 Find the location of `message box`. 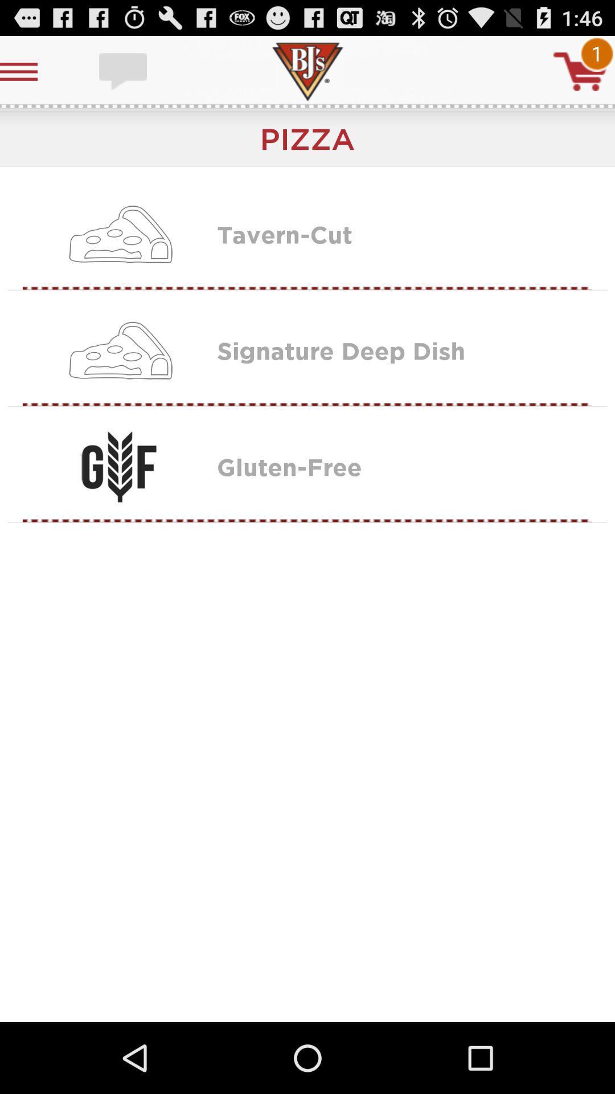

message box is located at coordinates (124, 71).